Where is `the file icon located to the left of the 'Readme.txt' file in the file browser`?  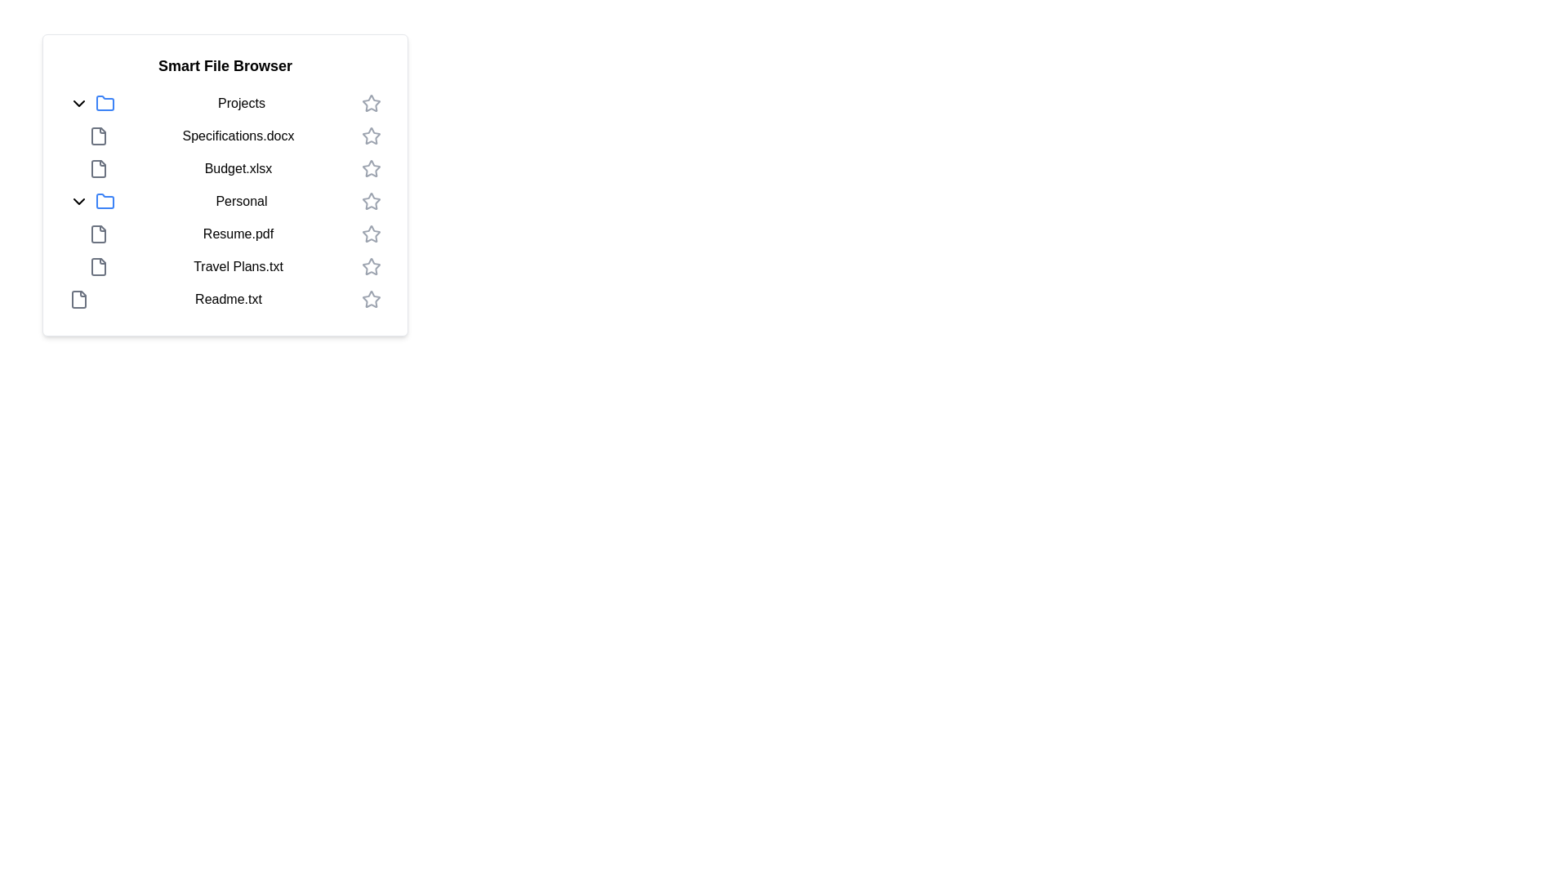
the file icon located to the left of the 'Readme.txt' file in the file browser is located at coordinates (78, 299).